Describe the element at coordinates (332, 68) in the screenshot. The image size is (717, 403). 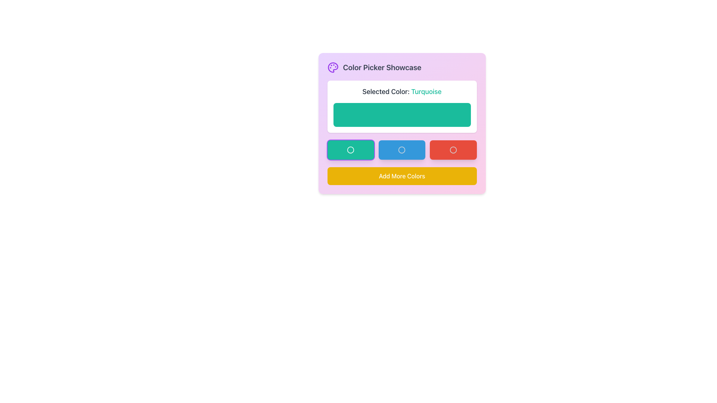
I see `the decorative icon representing the color picker tool, located to the left of the 'Color Picker Showcase' text element` at that location.